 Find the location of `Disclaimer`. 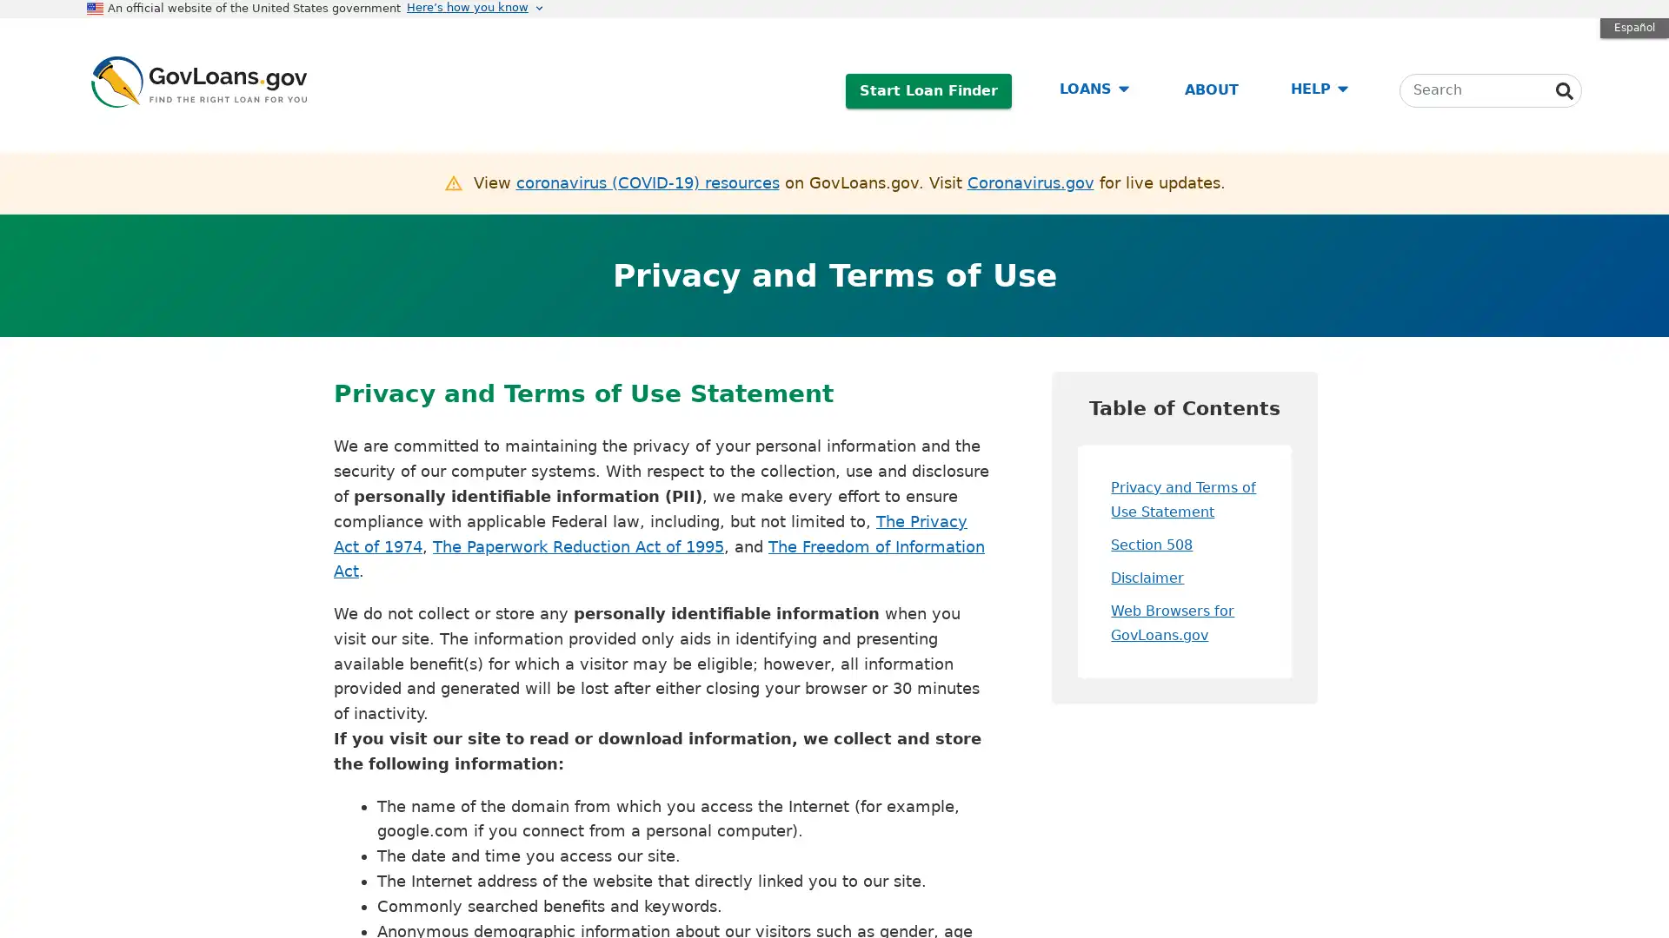

Disclaimer is located at coordinates (1183, 578).